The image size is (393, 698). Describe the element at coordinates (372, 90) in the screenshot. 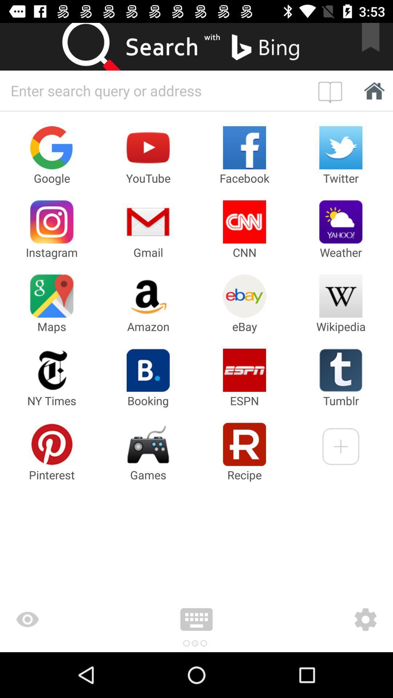

I see `the home icon` at that location.